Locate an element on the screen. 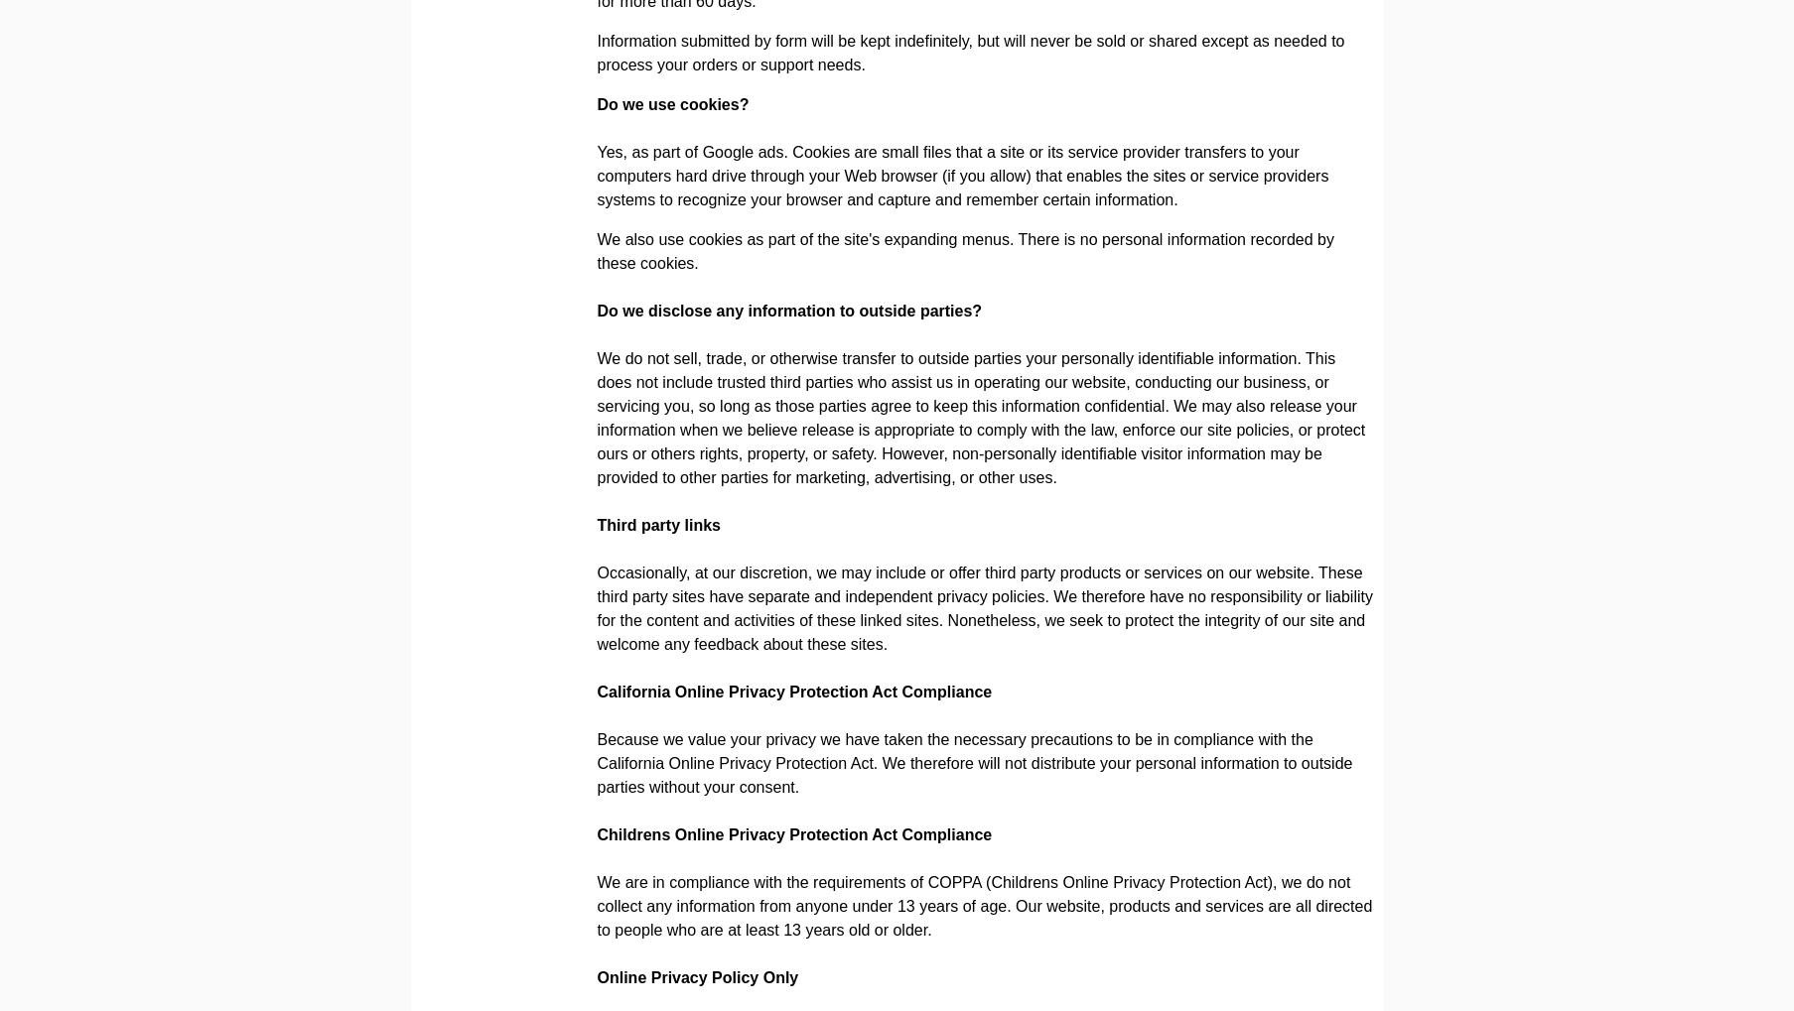 The width and height of the screenshot is (1794, 1011). 'Occasionally, at our discretion, we may include or offer third party products or services on our website. These third party sites have separate and independent privacy policies. We therefore have no responsibility or liability for the content and activities of these linked sites. Nonetheless, we seek to protect the integrity of our site and welcome any feedback about these sites.' is located at coordinates (984, 608).